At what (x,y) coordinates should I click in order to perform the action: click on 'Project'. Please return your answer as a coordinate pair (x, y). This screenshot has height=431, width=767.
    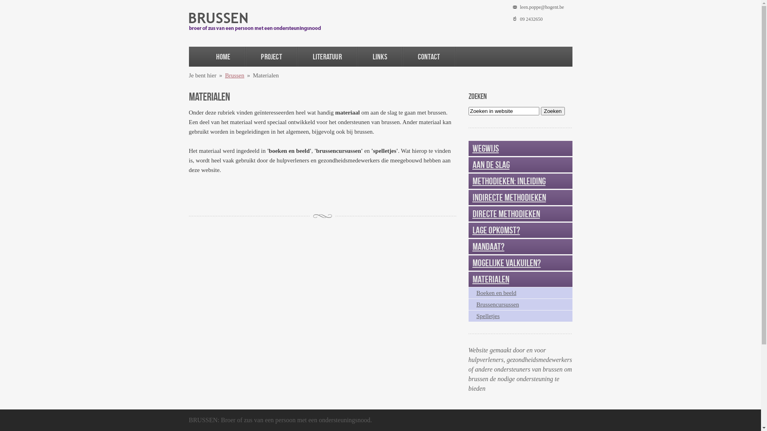
    Looking at the image, I should click on (271, 56).